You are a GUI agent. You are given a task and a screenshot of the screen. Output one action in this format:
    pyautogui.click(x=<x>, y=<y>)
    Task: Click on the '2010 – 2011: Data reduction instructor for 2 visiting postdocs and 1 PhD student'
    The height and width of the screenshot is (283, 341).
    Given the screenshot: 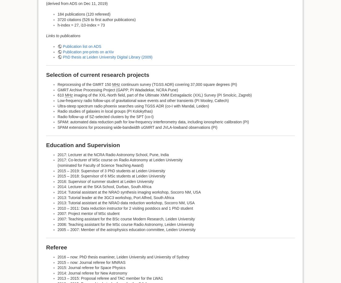 What is the action you would take?
    pyautogui.click(x=125, y=208)
    